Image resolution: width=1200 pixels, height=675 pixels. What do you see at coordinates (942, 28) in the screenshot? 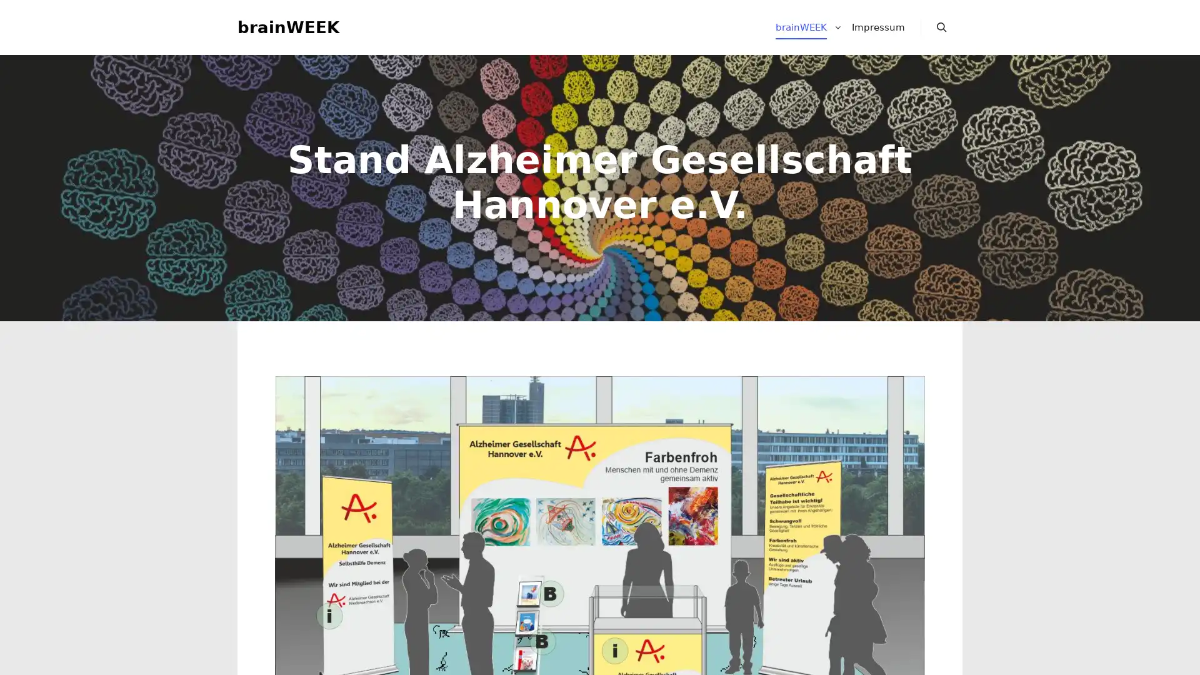
I see `Suchen` at bounding box center [942, 28].